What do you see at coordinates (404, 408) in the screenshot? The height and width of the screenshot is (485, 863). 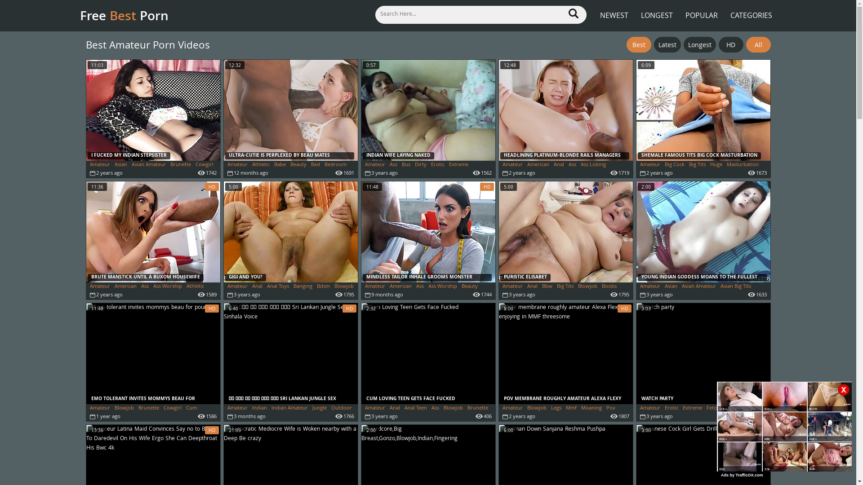 I see `'Anal Teen'` at bounding box center [404, 408].